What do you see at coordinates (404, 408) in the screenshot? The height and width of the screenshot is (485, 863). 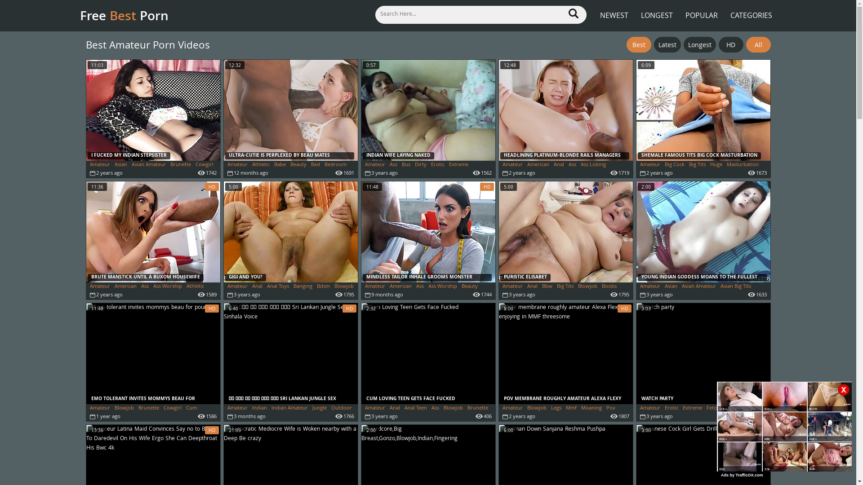 I see `'Anal Teen'` at bounding box center [404, 408].